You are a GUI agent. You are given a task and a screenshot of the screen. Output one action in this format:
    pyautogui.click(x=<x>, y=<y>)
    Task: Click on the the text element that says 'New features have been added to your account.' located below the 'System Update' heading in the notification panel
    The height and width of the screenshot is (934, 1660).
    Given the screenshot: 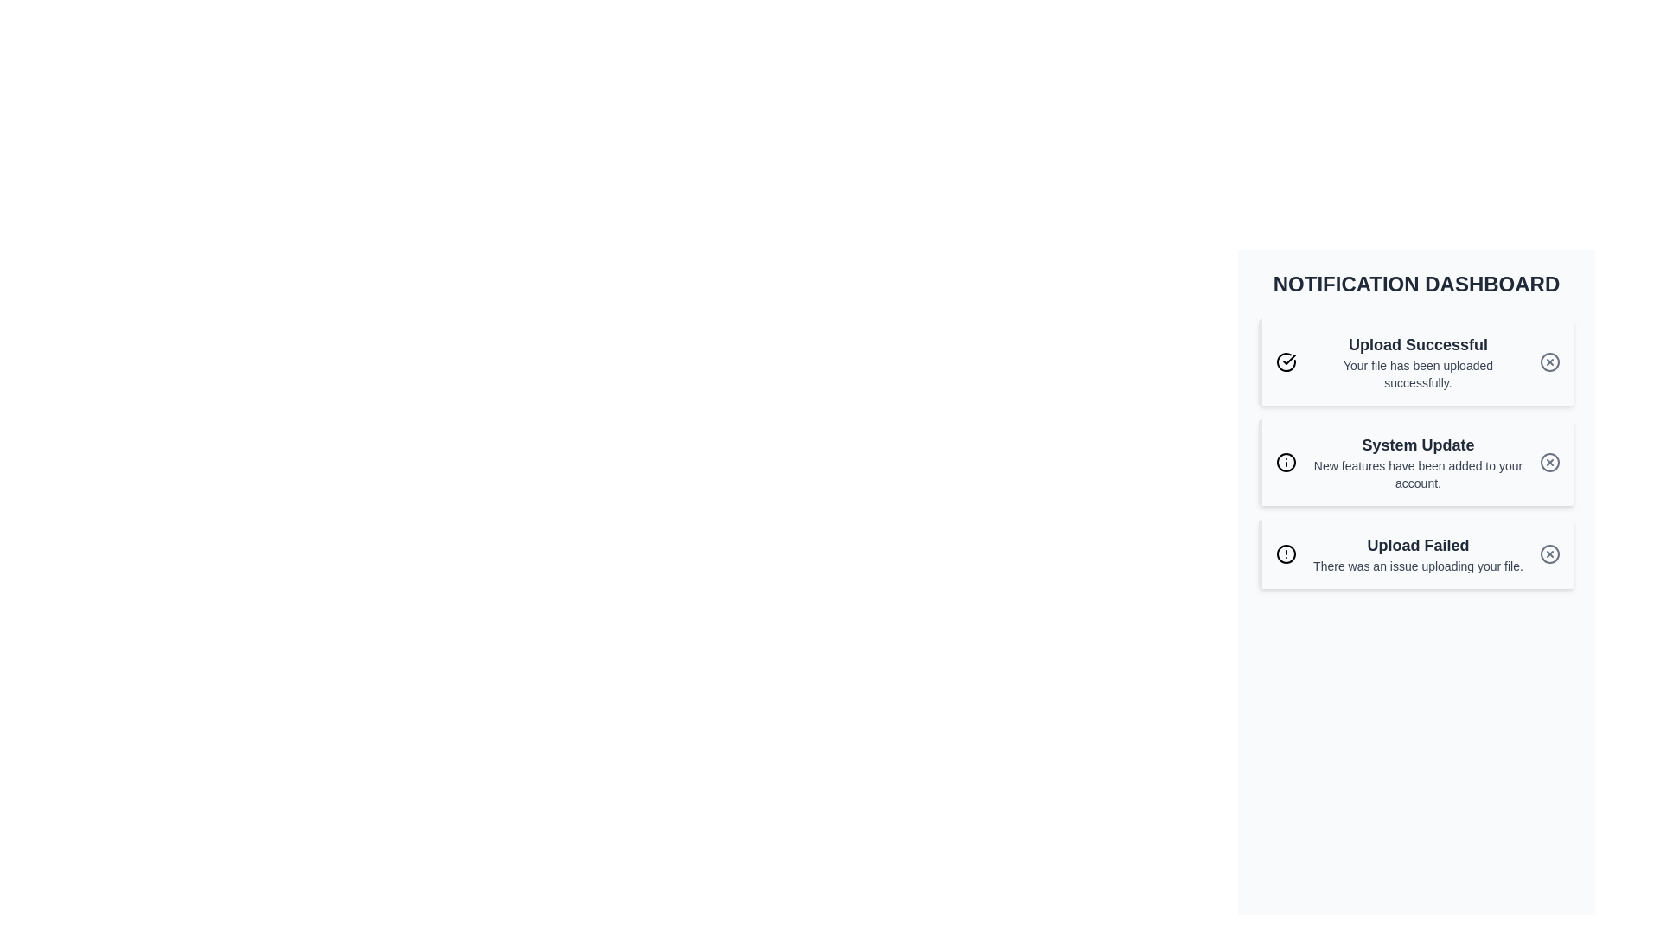 What is the action you would take?
    pyautogui.click(x=1418, y=474)
    